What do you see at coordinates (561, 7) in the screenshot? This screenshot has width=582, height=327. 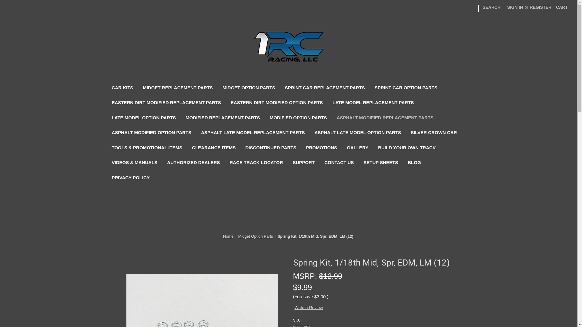 I see `'CART'` at bounding box center [561, 7].